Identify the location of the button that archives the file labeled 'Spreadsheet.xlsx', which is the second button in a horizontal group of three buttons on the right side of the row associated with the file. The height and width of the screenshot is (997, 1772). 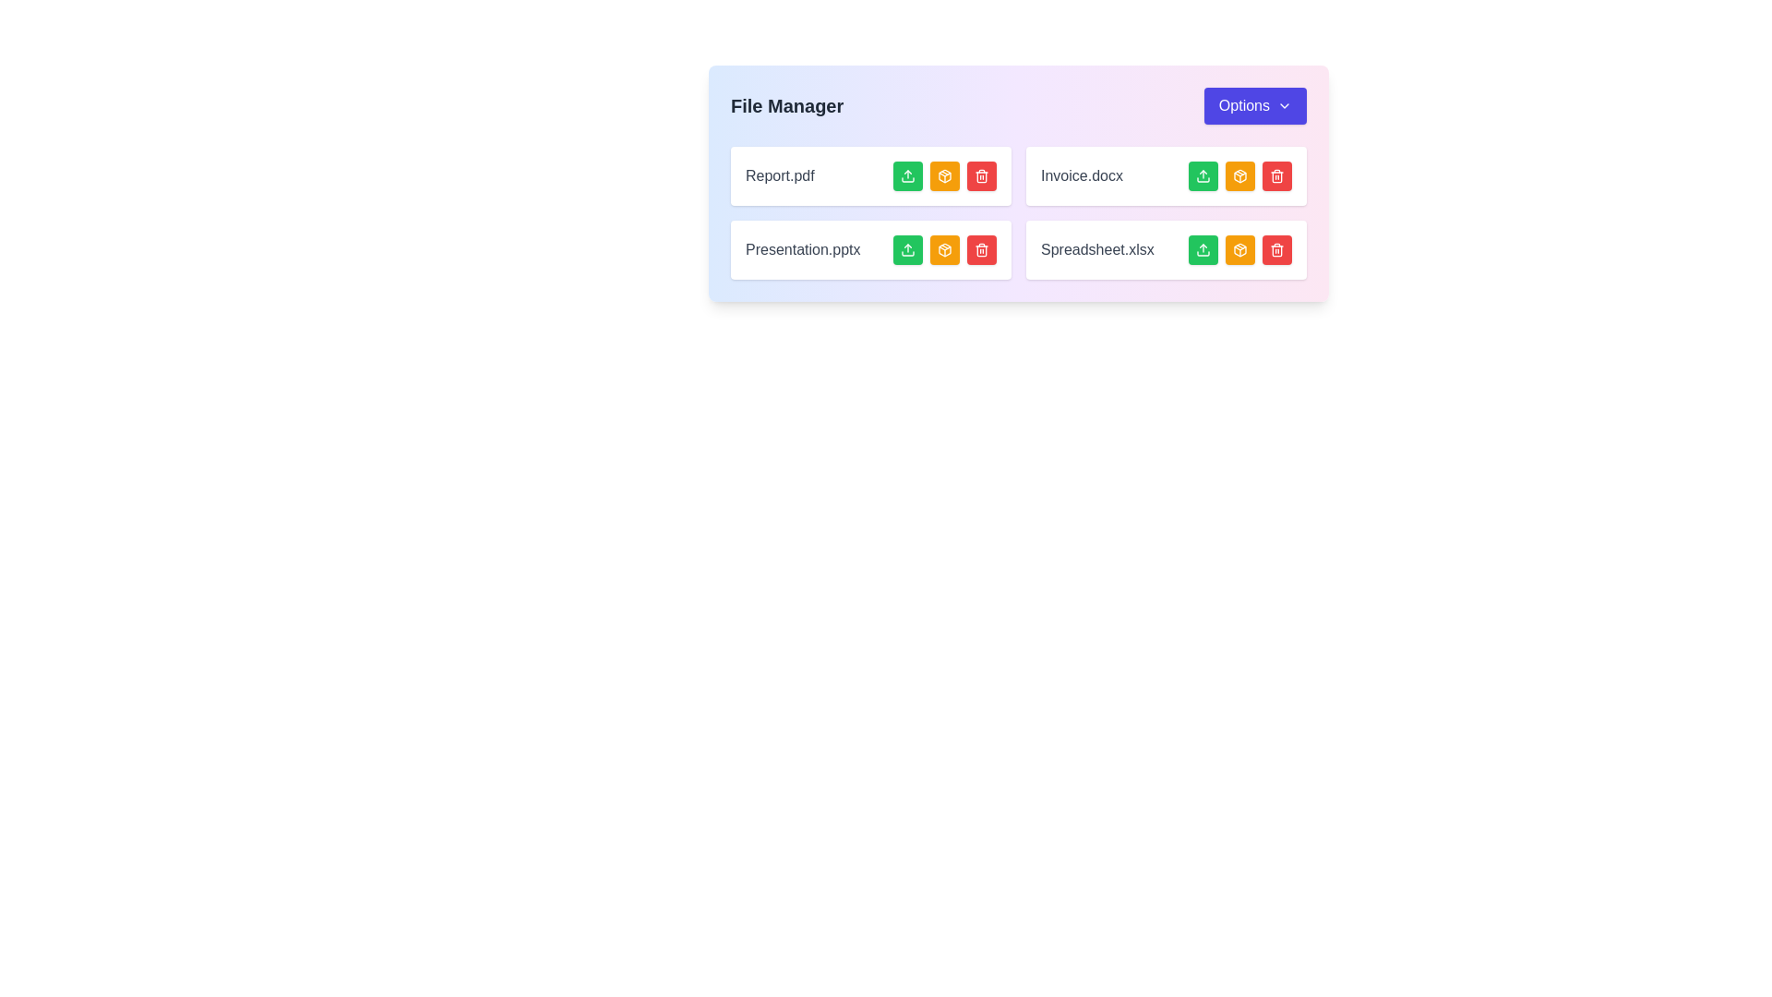
(1240, 249).